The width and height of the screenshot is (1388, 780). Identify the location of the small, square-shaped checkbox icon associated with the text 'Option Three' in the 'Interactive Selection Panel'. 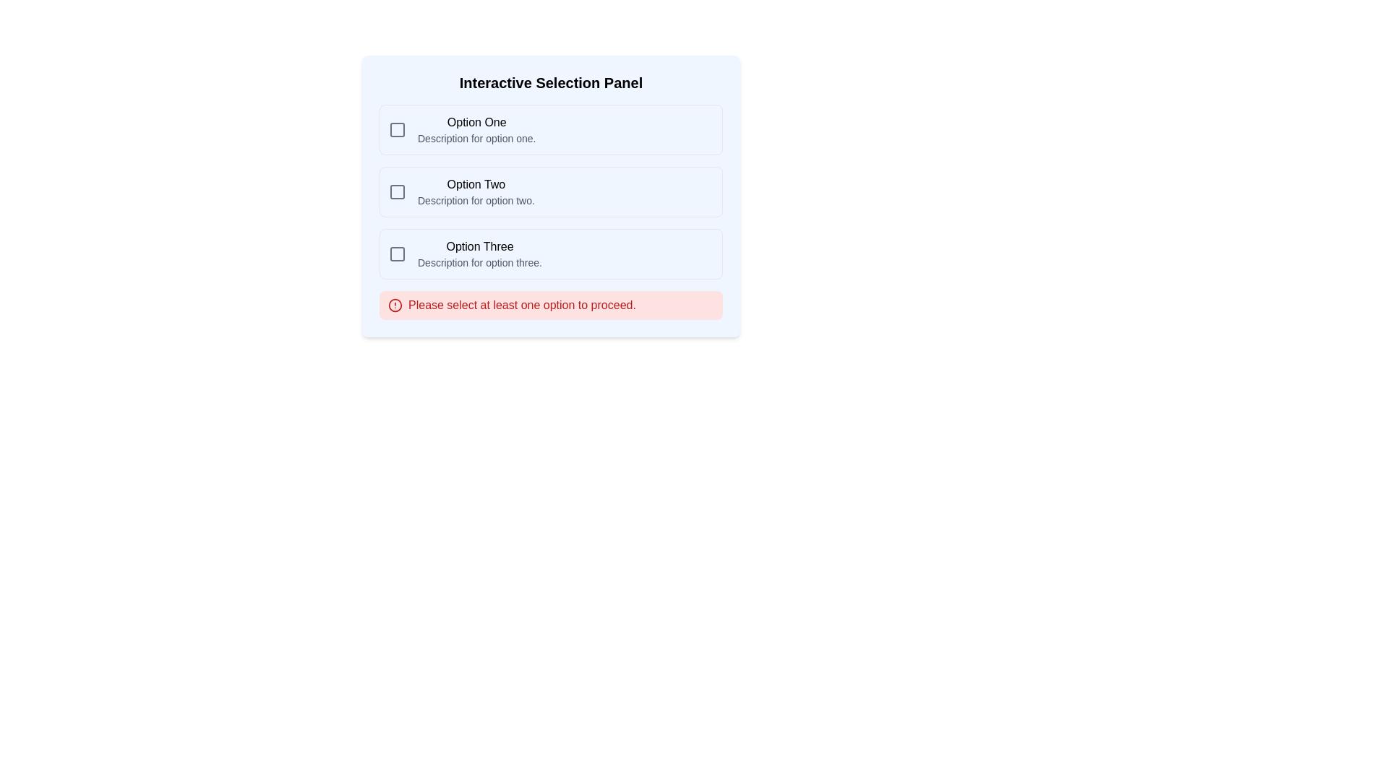
(398, 253).